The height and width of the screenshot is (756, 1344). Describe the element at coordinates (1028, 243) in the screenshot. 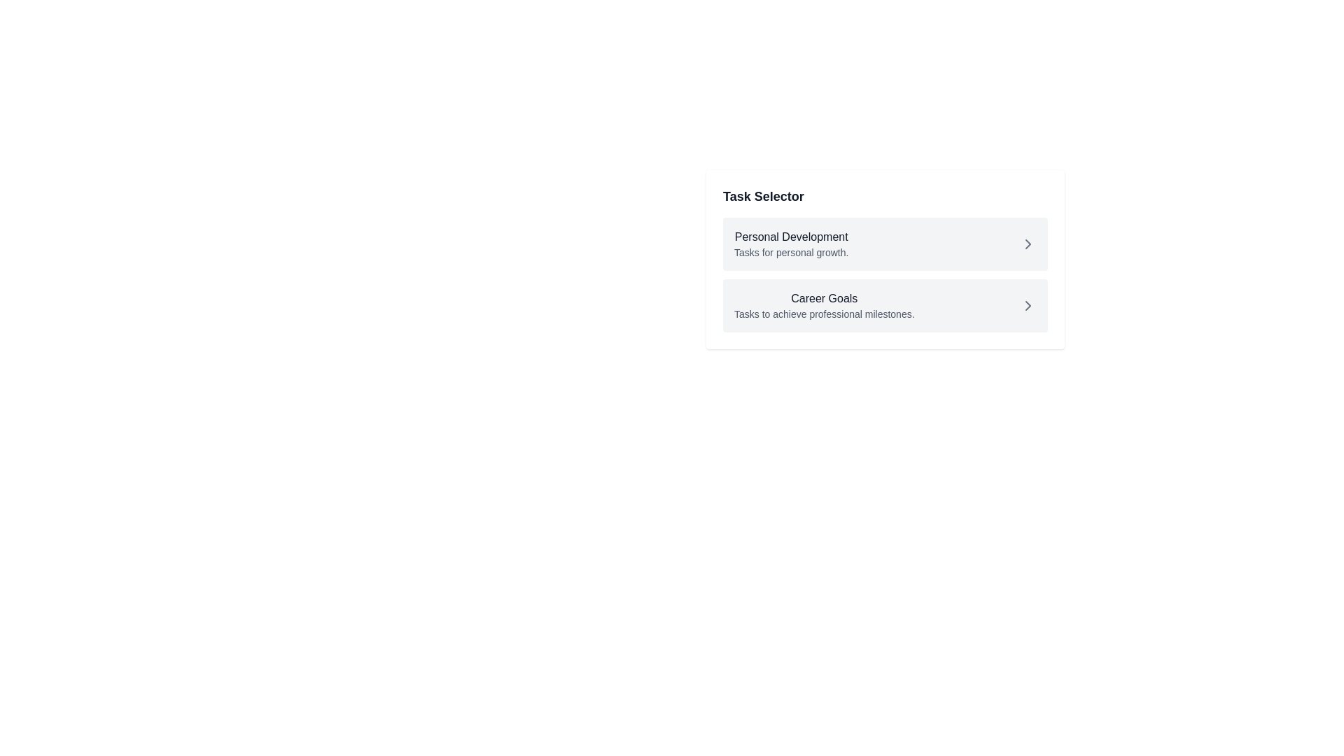

I see `the navigation icon located at the far-right end of the 'Personal Development' list item in the 'Task Selector' menu` at that location.